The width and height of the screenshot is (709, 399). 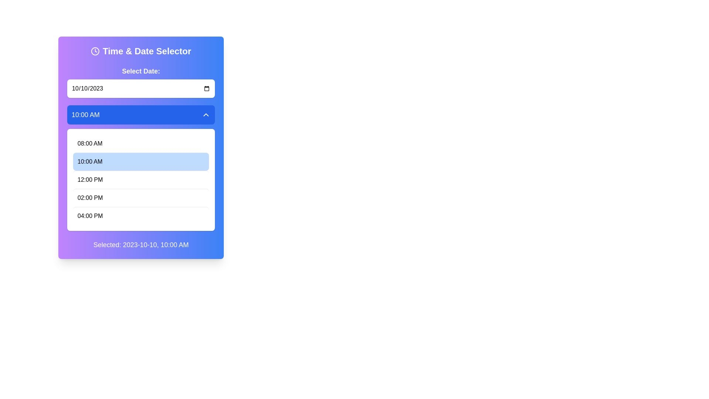 I want to click on the selectable list item displaying '12:00 PM', which is the third option in the list of time options, so click(x=141, y=180).